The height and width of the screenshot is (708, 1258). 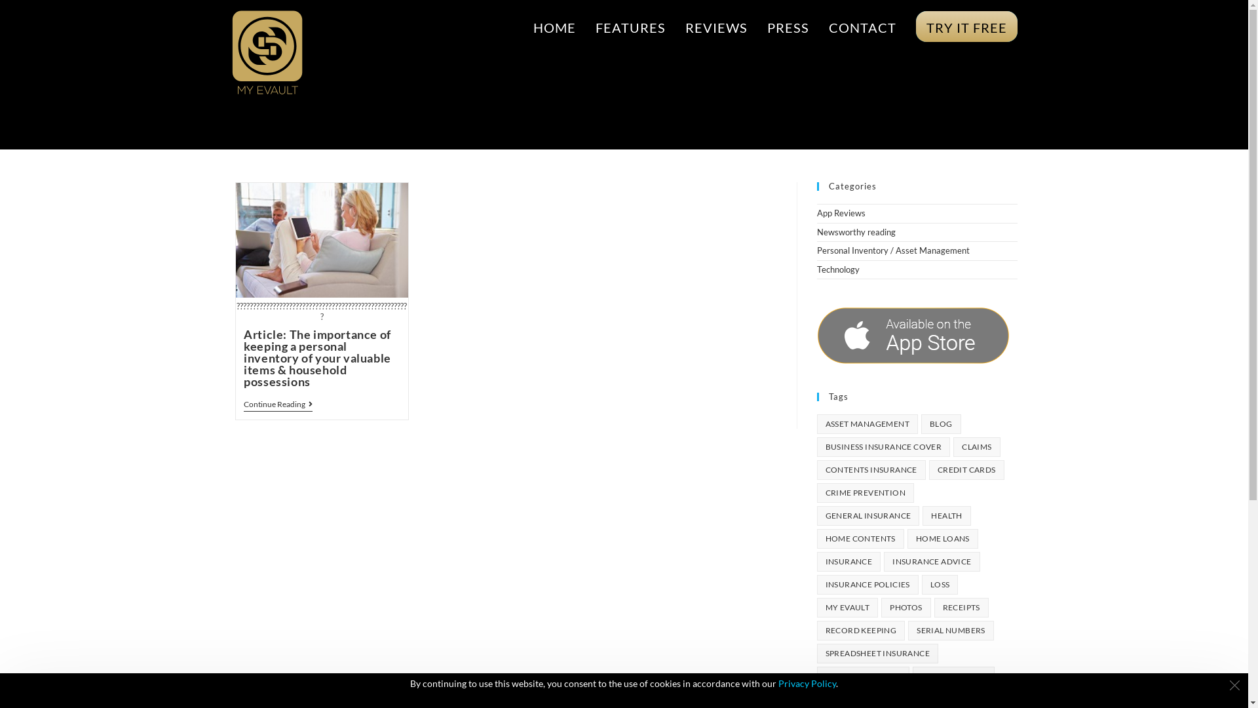 I want to click on 'PHOTOS', so click(x=905, y=607).